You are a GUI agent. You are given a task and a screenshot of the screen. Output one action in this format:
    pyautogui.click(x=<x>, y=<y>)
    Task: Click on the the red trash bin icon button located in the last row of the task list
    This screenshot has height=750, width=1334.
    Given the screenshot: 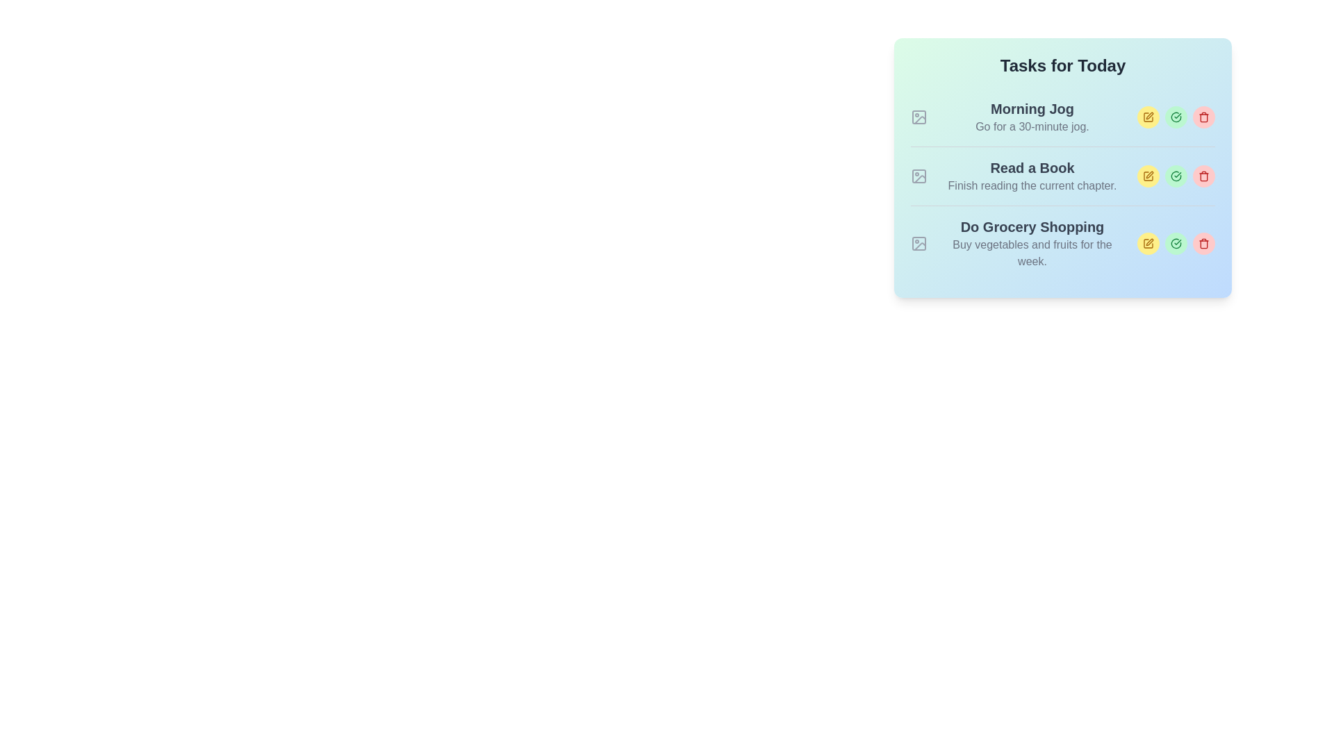 What is the action you would take?
    pyautogui.click(x=1203, y=243)
    